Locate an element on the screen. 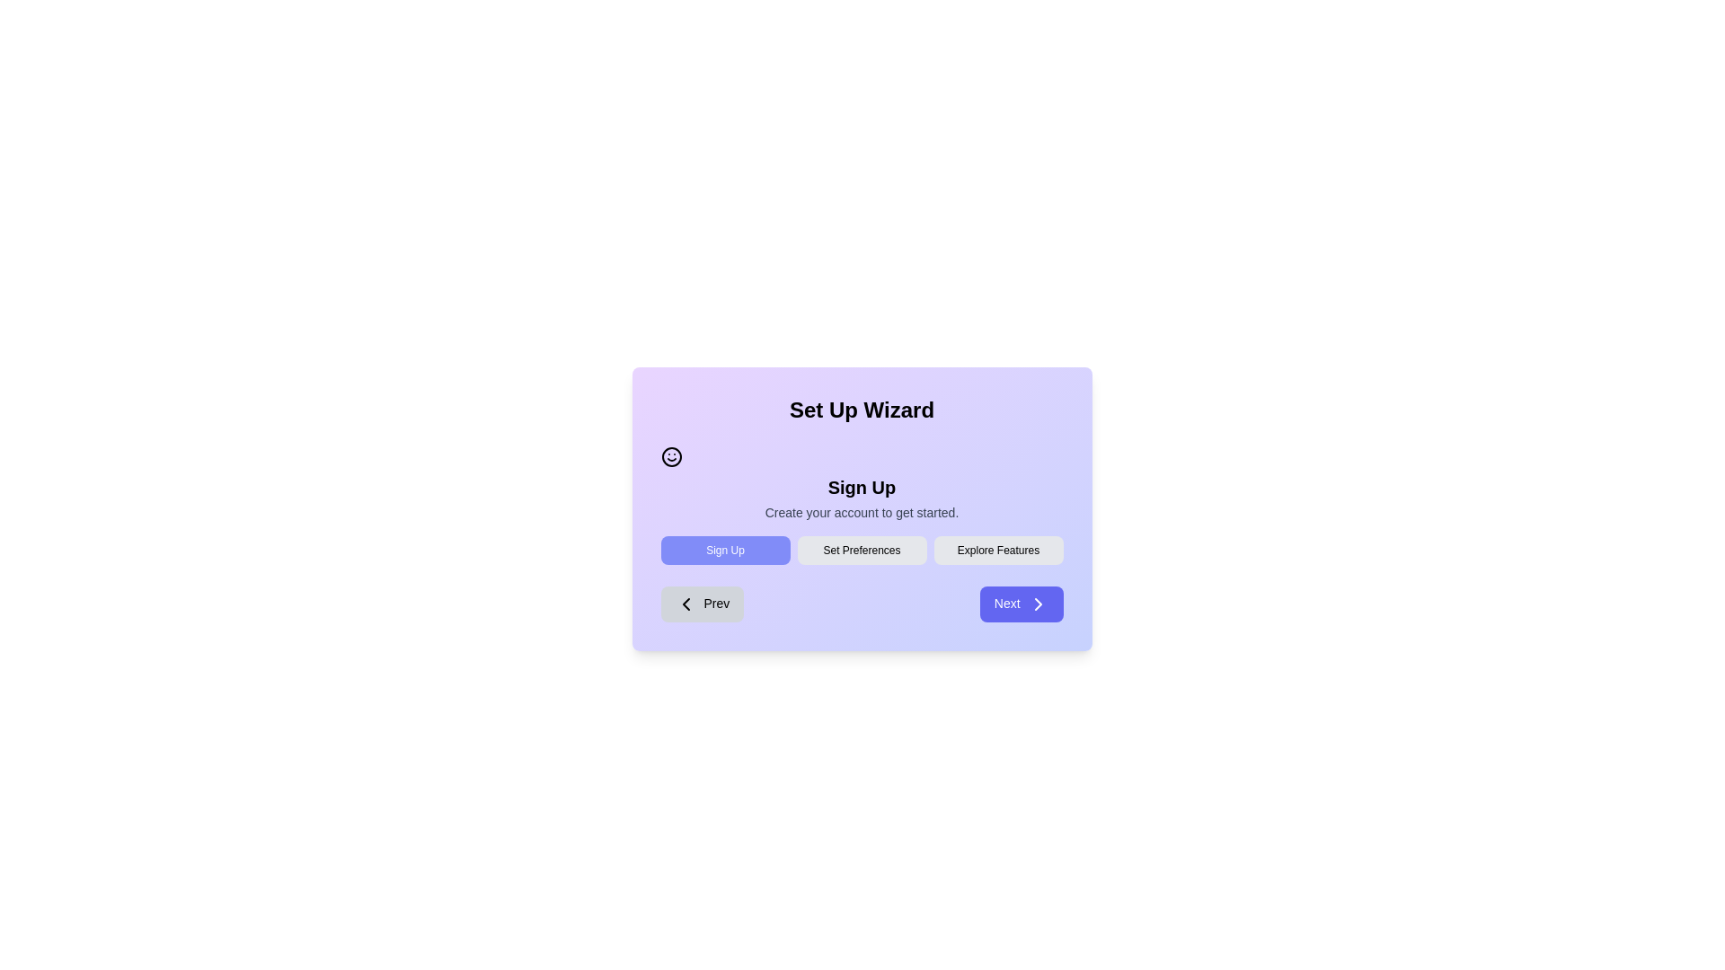 This screenshot has width=1725, height=970. the smiling face icon is located at coordinates (670, 456).